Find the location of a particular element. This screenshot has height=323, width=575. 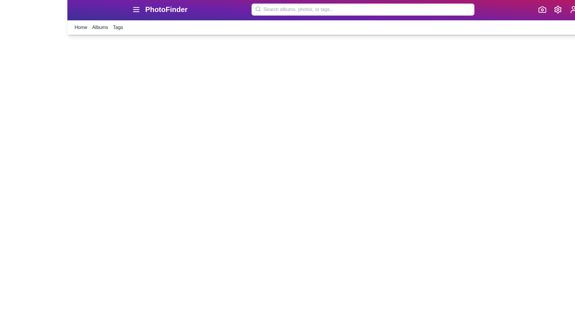

the settings icon to access the settings menu is located at coordinates (557, 9).